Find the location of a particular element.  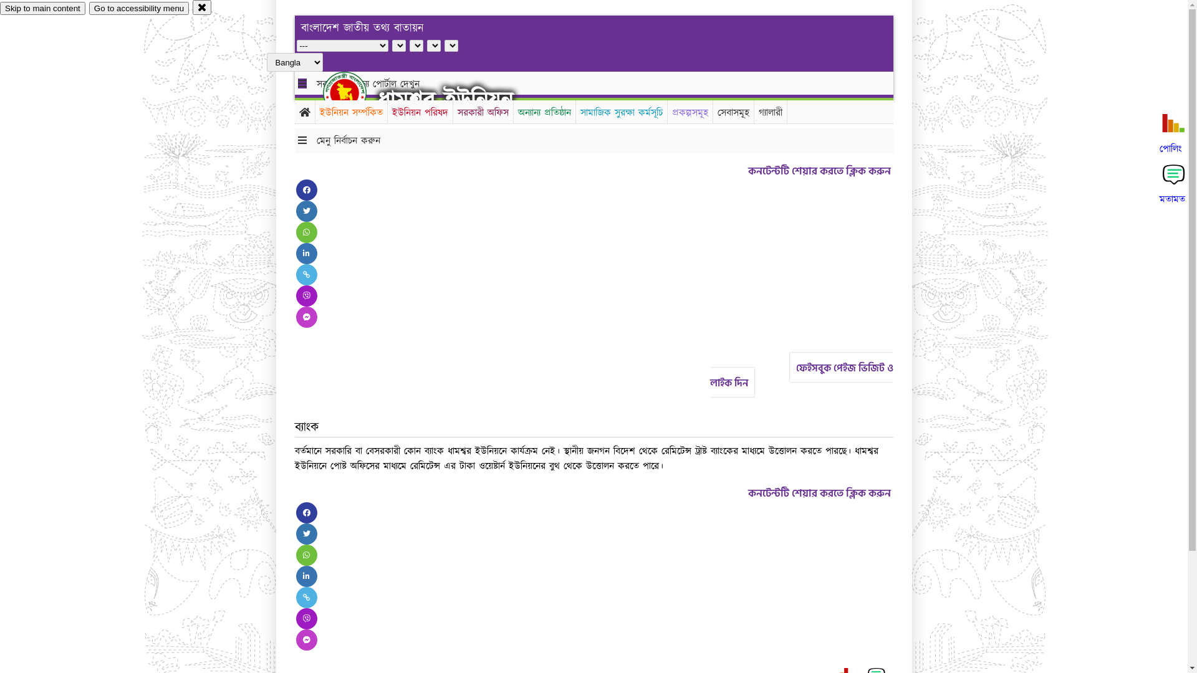

' is located at coordinates (355, 92).